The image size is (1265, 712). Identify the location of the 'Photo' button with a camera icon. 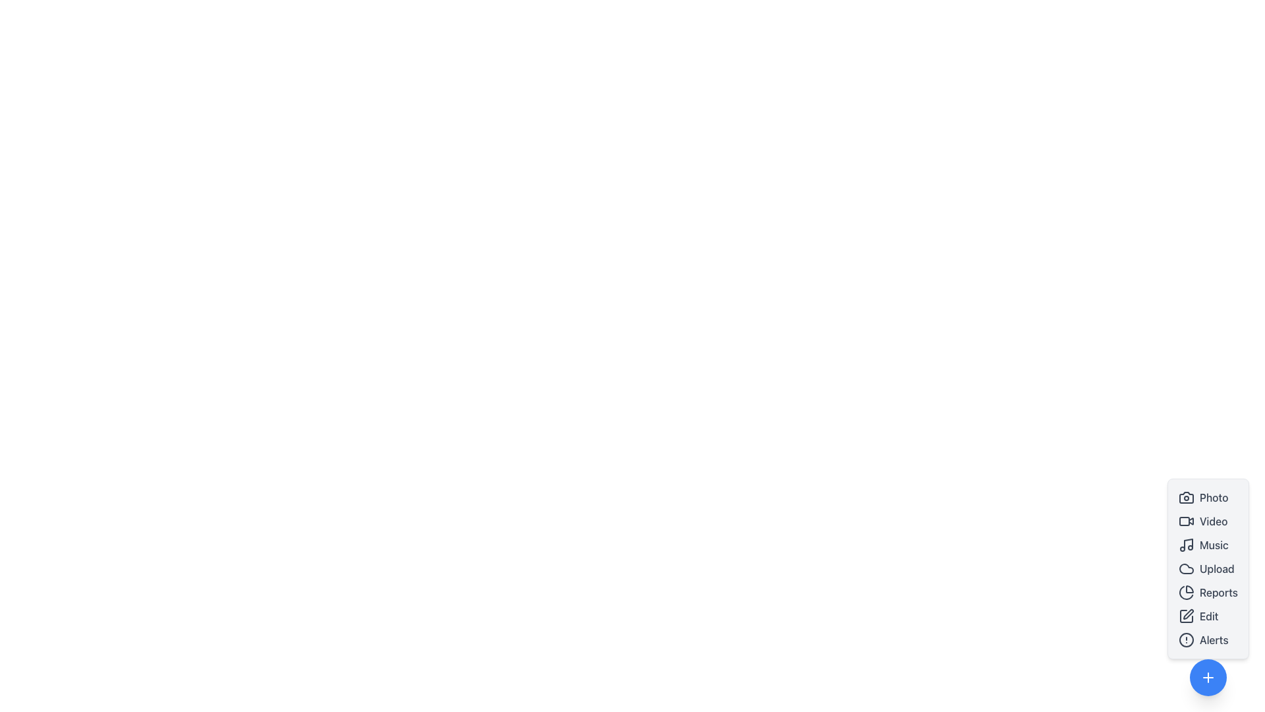
(1203, 498).